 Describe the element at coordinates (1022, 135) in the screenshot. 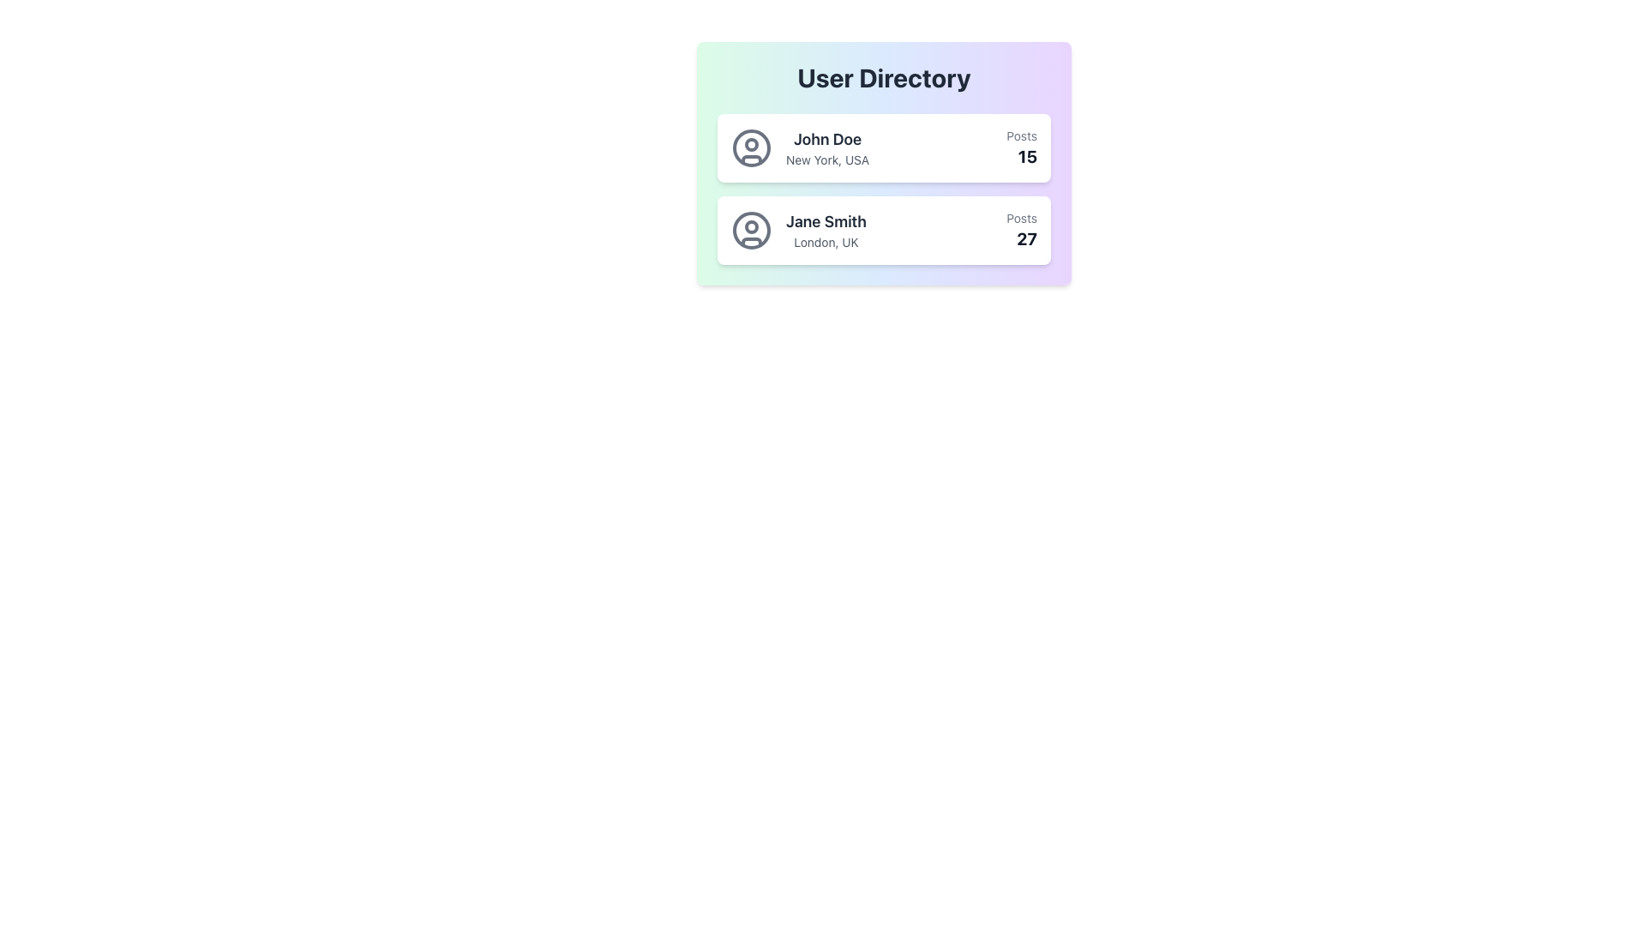

I see `the static text label displaying 'Posts' at the top-right of John Doe's user item card` at that location.